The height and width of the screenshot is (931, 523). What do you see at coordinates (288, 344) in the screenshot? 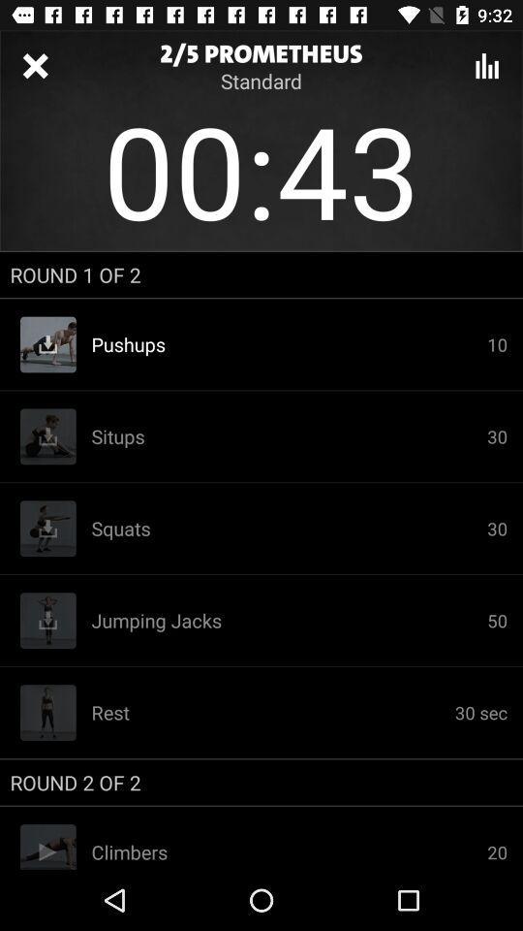
I see `the pushups icon` at bounding box center [288, 344].